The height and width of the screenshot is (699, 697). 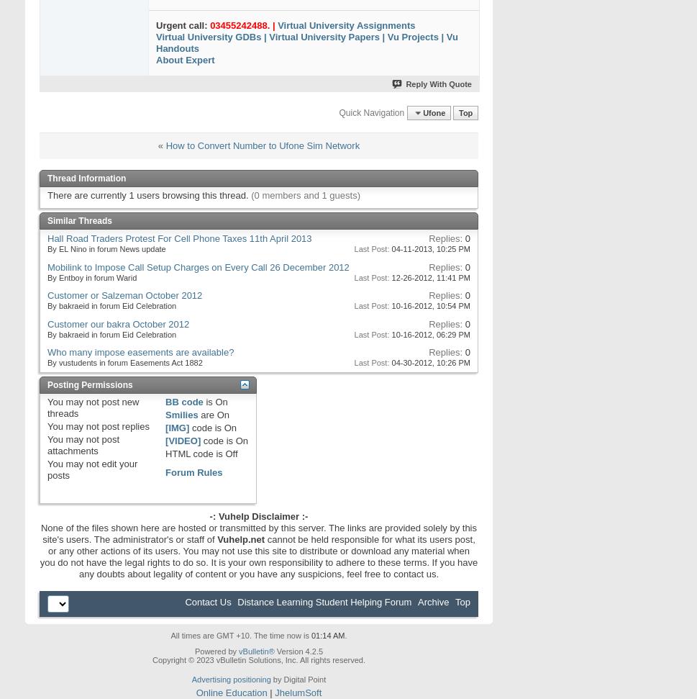 What do you see at coordinates (178, 238) in the screenshot?
I see `'Hall Road Traders Protest For Cell Phone Taxes 11th April 2013'` at bounding box center [178, 238].